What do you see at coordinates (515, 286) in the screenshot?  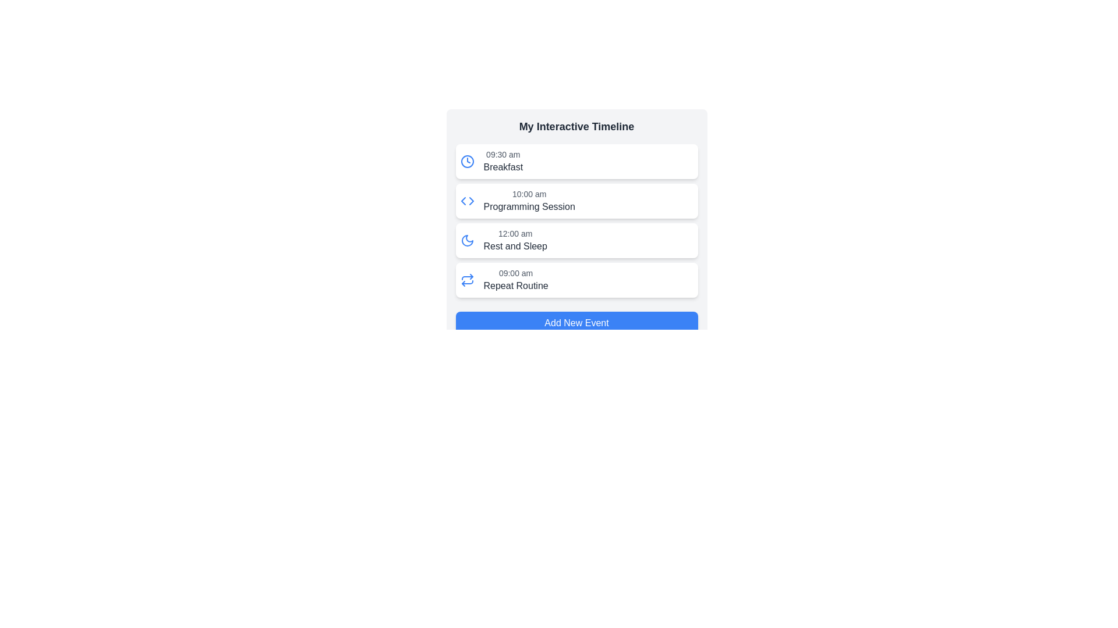 I see `text label describing the activity scheduled at '09:00 am' in the timeline entry, located just above the 'Add New Event' button` at bounding box center [515, 286].